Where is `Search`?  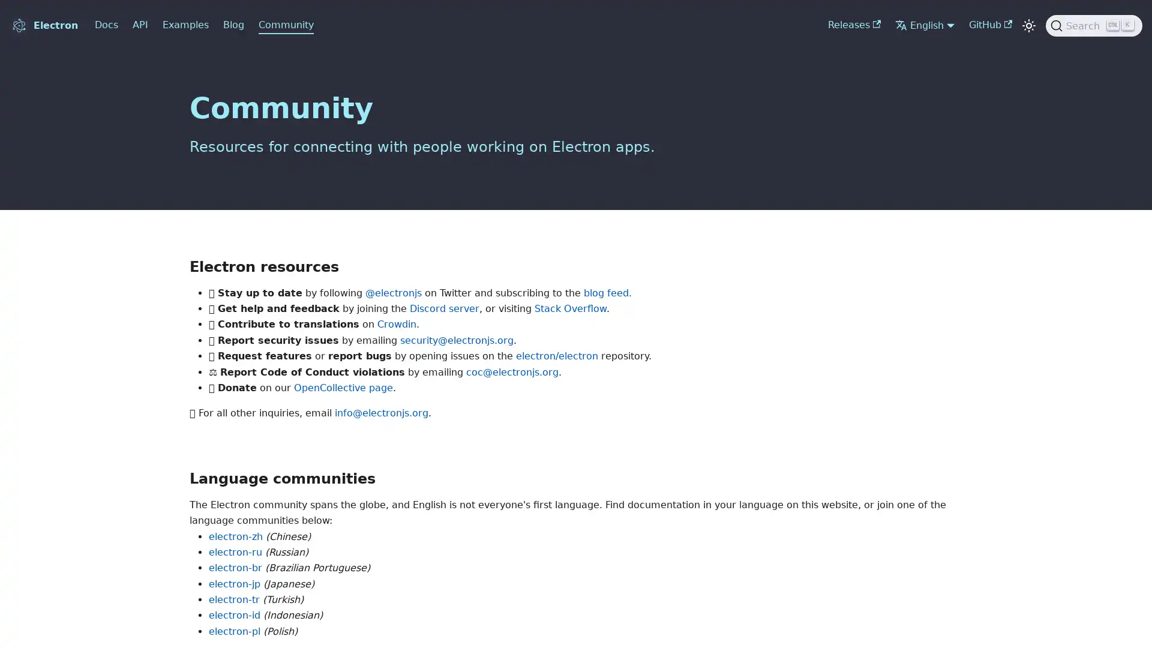 Search is located at coordinates (1094, 25).